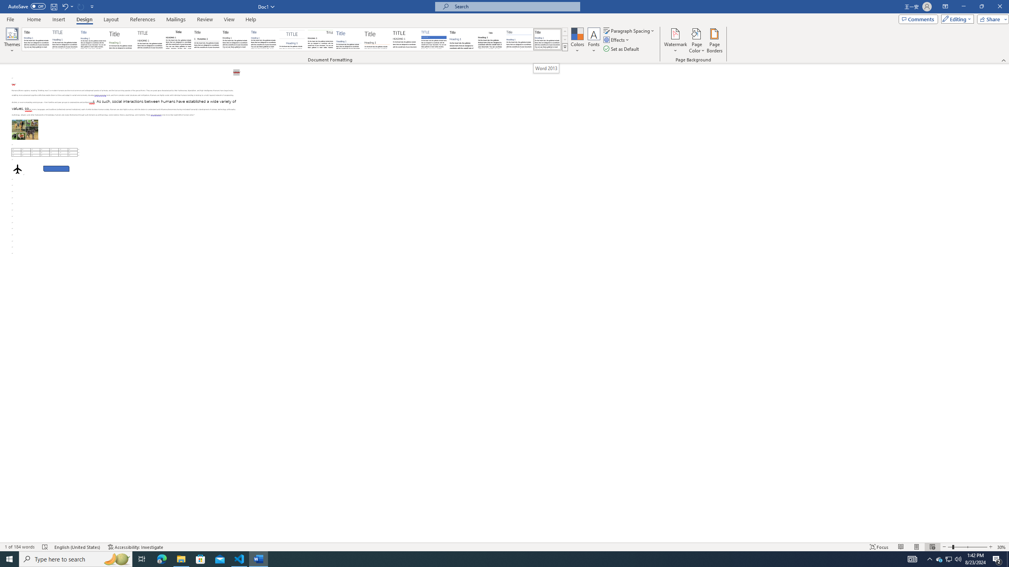 The height and width of the screenshot is (567, 1009). I want to click on 'Style Set', so click(564, 46).